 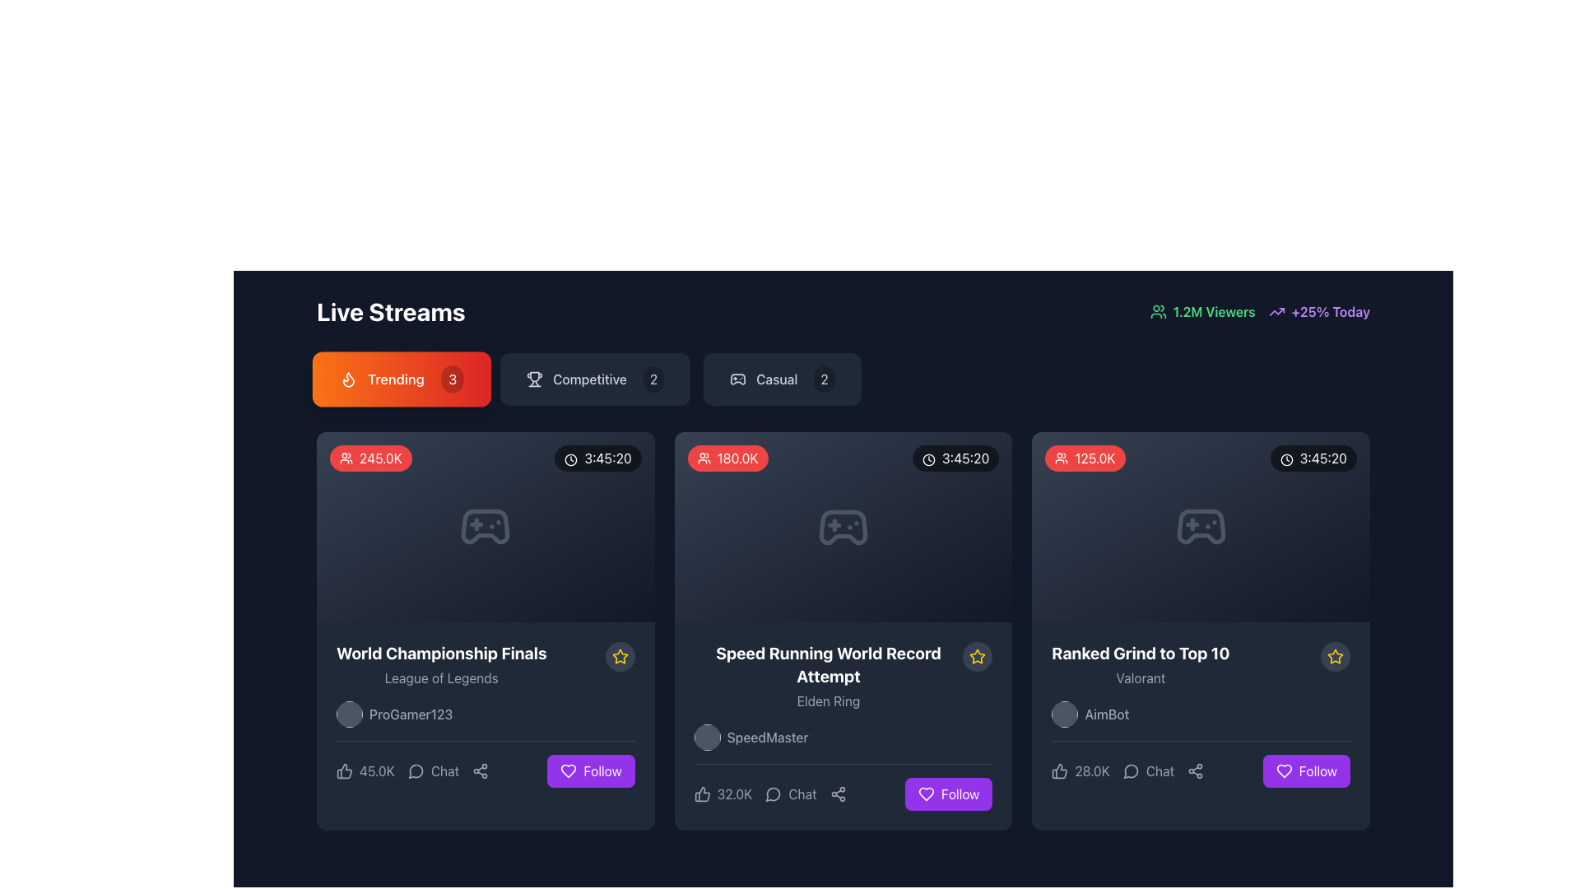 What do you see at coordinates (955, 458) in the screenshot?
I see `duration data from the label with an icon located at the top-right corner of the second content card, adjacent to the red audience data label` at bounding box center [955, 458].